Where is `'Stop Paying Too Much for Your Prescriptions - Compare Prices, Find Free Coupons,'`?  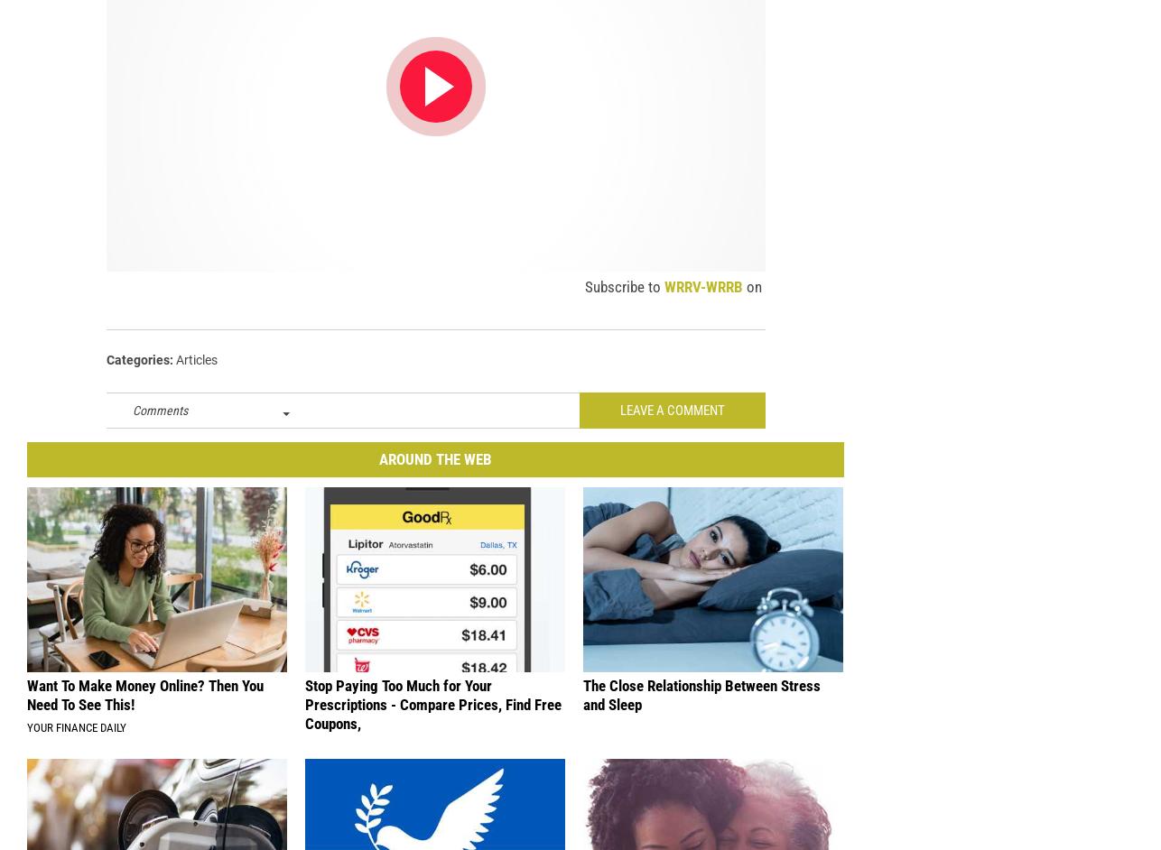
'Stop Paying Too Much for Your Prescriptions - Compare Prices, Find Free Coupons,' is located at coordinates (303, 715).